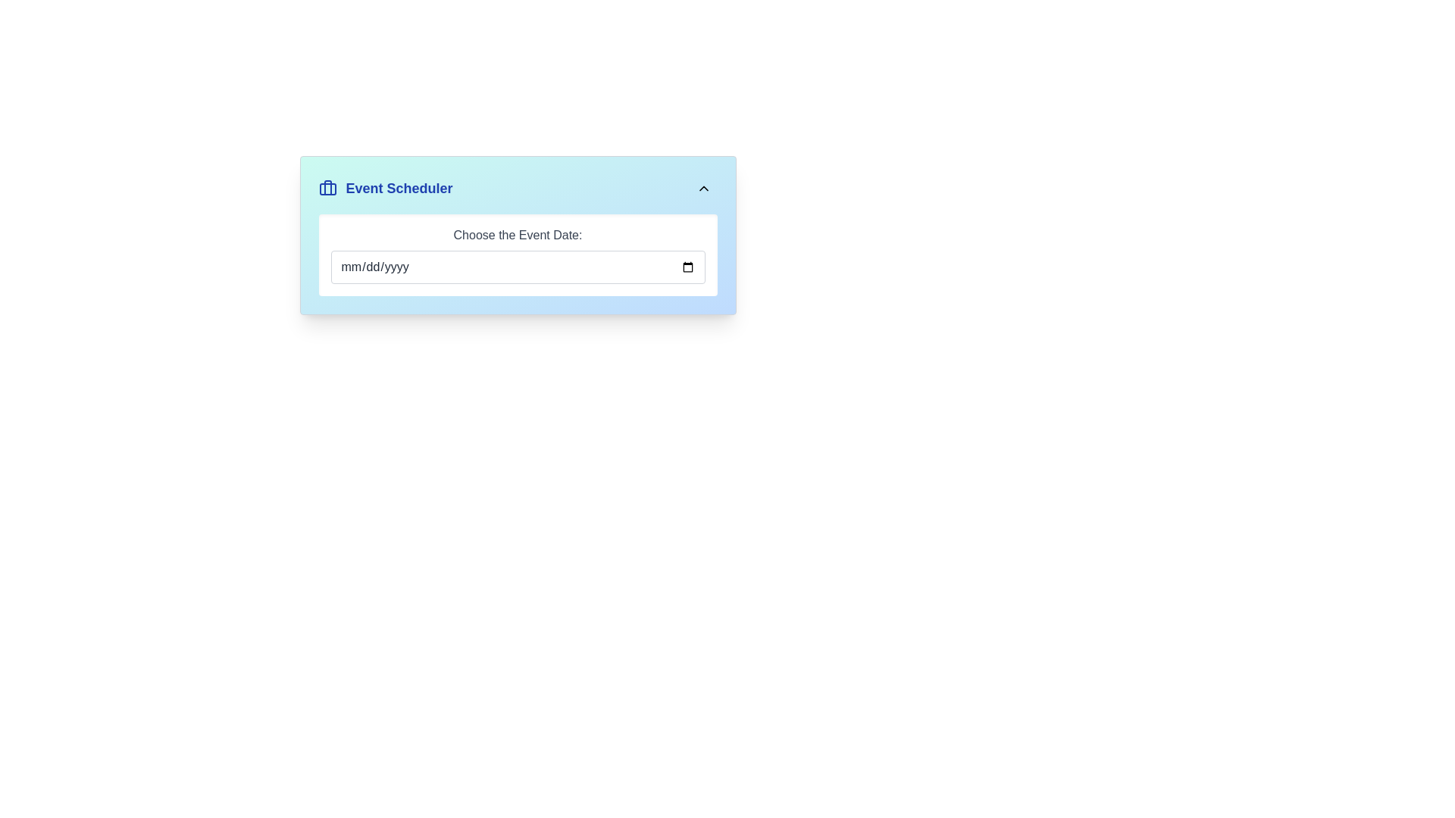 This screenshot has width=1455, height=818. Describe the element at coordinates (399, 188) in the screenshot. I see `the Text Label that serves as the title or header of the card, indicating event scheduling functionality, located to the right of a briefcase icon in the upper left corner of the card` at that location.